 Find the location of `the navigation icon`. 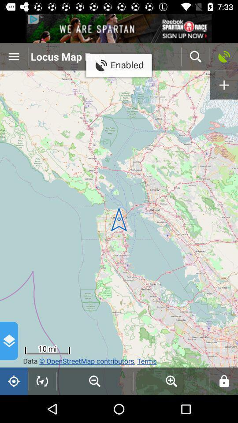

the navigation icon is located at coordinates (42, 381).